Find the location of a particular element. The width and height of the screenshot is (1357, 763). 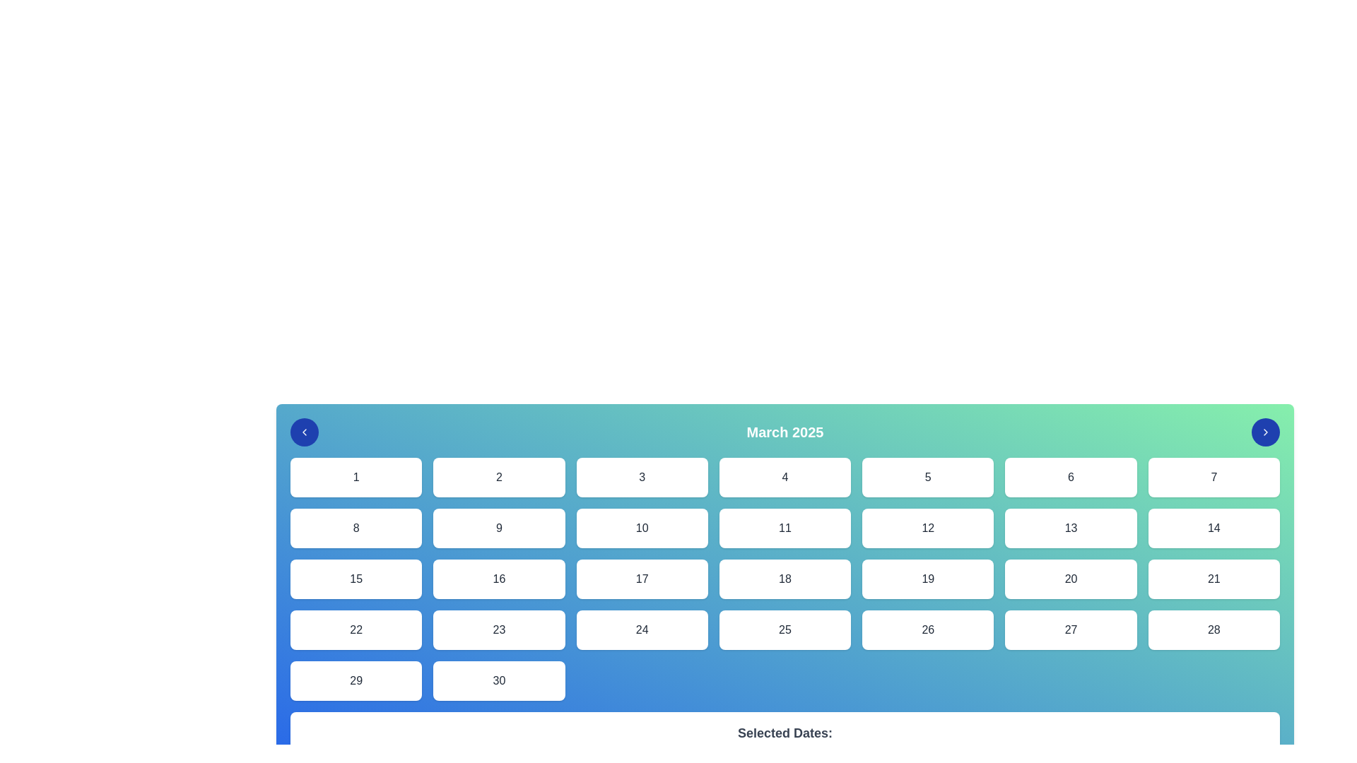

the grid cell representing the calendar day with the number '13', located in the second row and sixth column of the grid is located at coordinates (1071, 528).